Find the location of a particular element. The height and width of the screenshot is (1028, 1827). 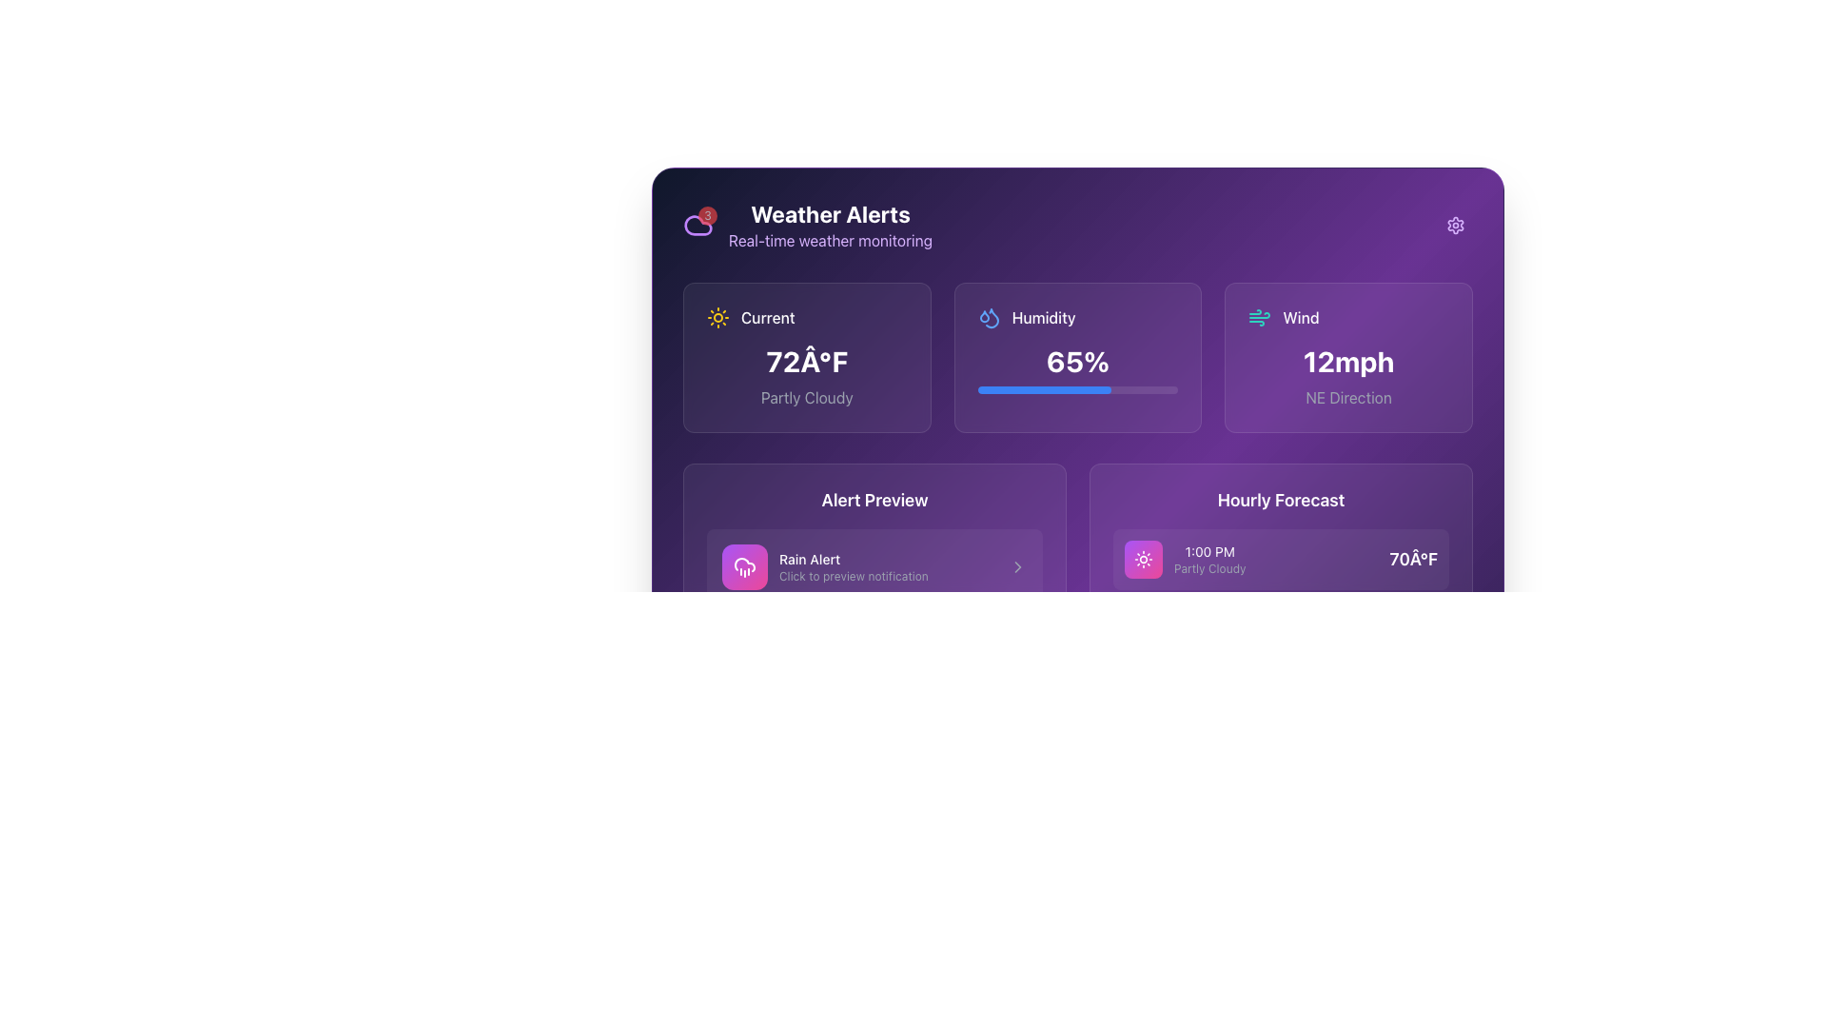

the static text displaying '1:00 PM' in white font on a purple background, located under the 'Hourly Forecast' section, to the left of 'Partly Cloudy' is located at coordinates (1208, 551).